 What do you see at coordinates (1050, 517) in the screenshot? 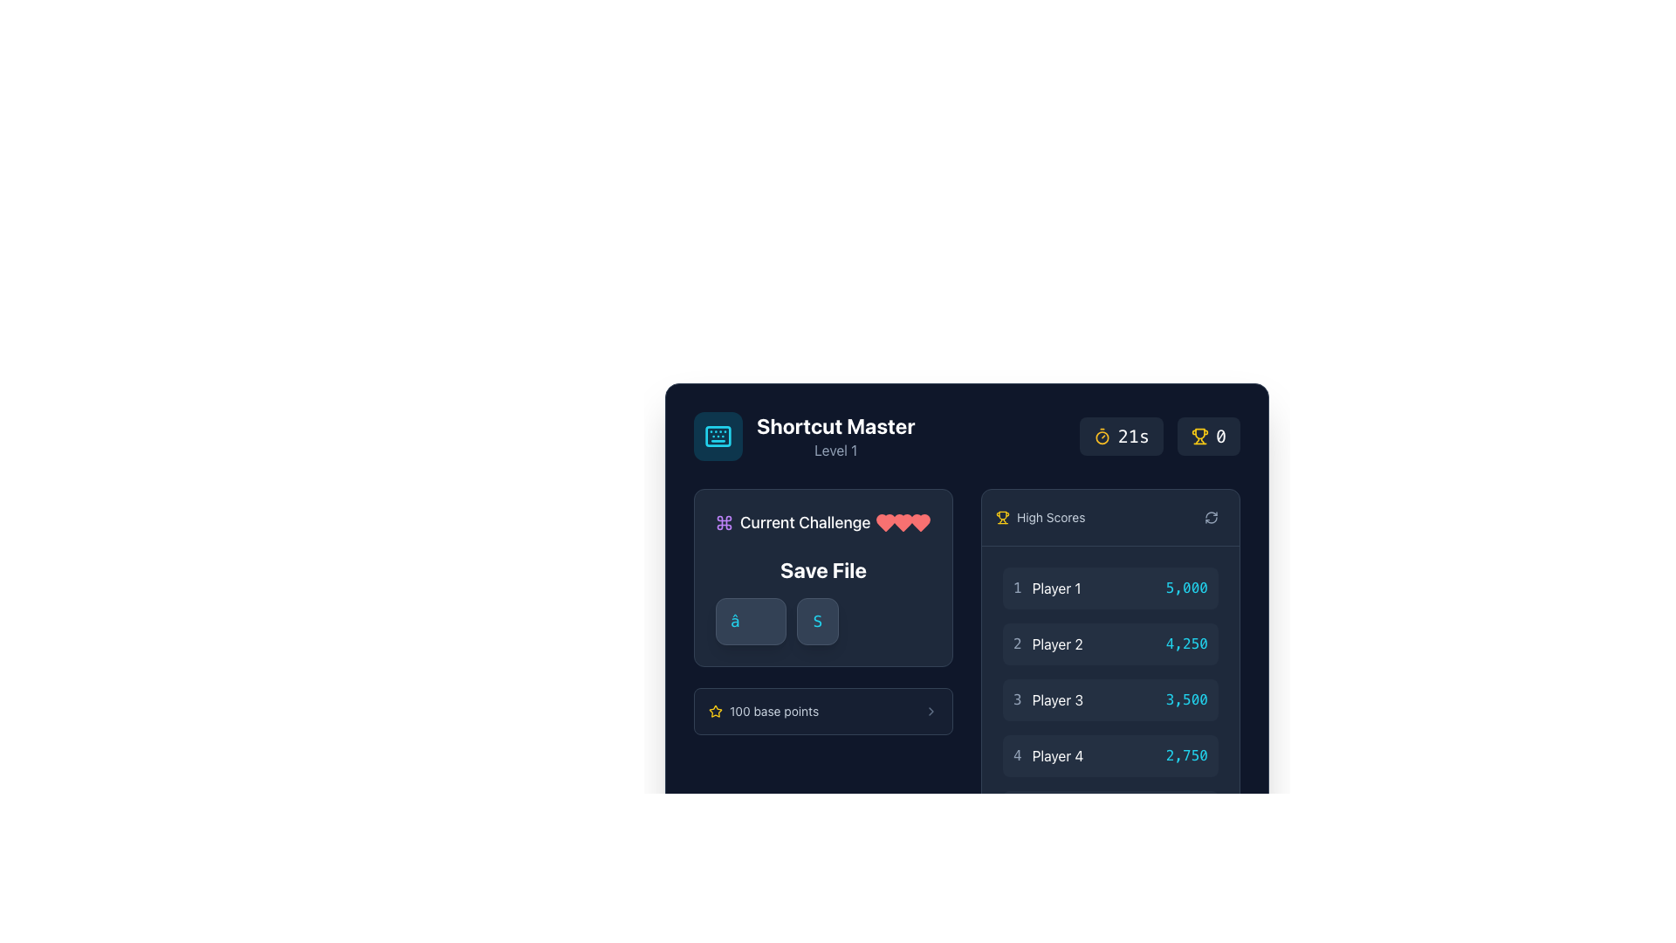
I see `the High Scores label located to the right of the yellow trophy icon, vertically aligned with it, in the upper section of the high scores panel` at bounding box center [1050, 517].